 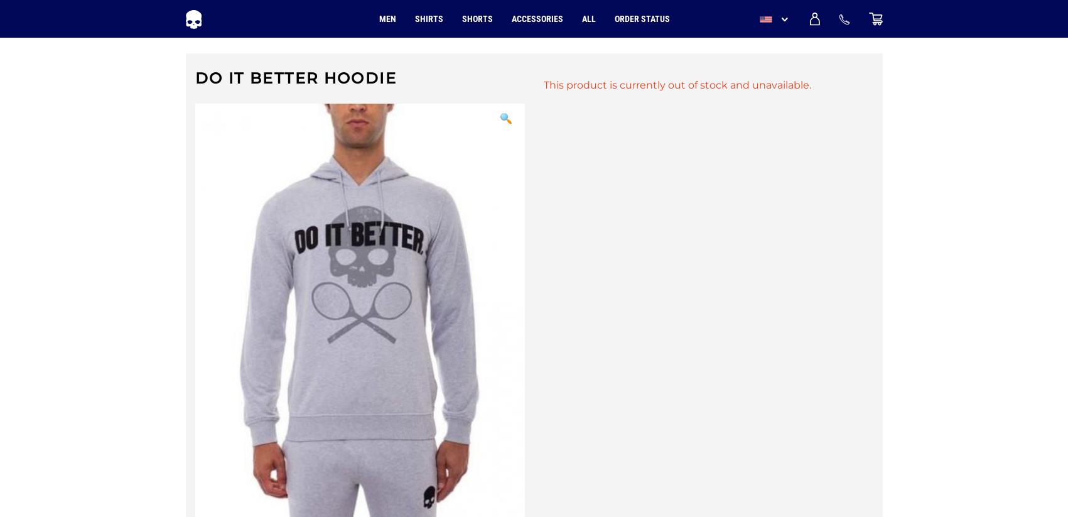 I want to click on 'This product is currently out of stock and unavailable.', so click(x=542, y=85).